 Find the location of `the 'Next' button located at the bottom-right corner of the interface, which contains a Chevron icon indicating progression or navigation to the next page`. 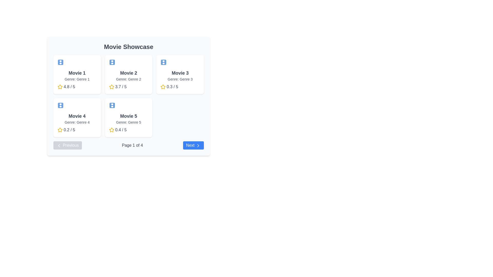

the 'Next' button located at the bottom-right corner of the interface, which contains a Chevron icon indicating progression or navigation to the next page is located at coordinates (198, 145).